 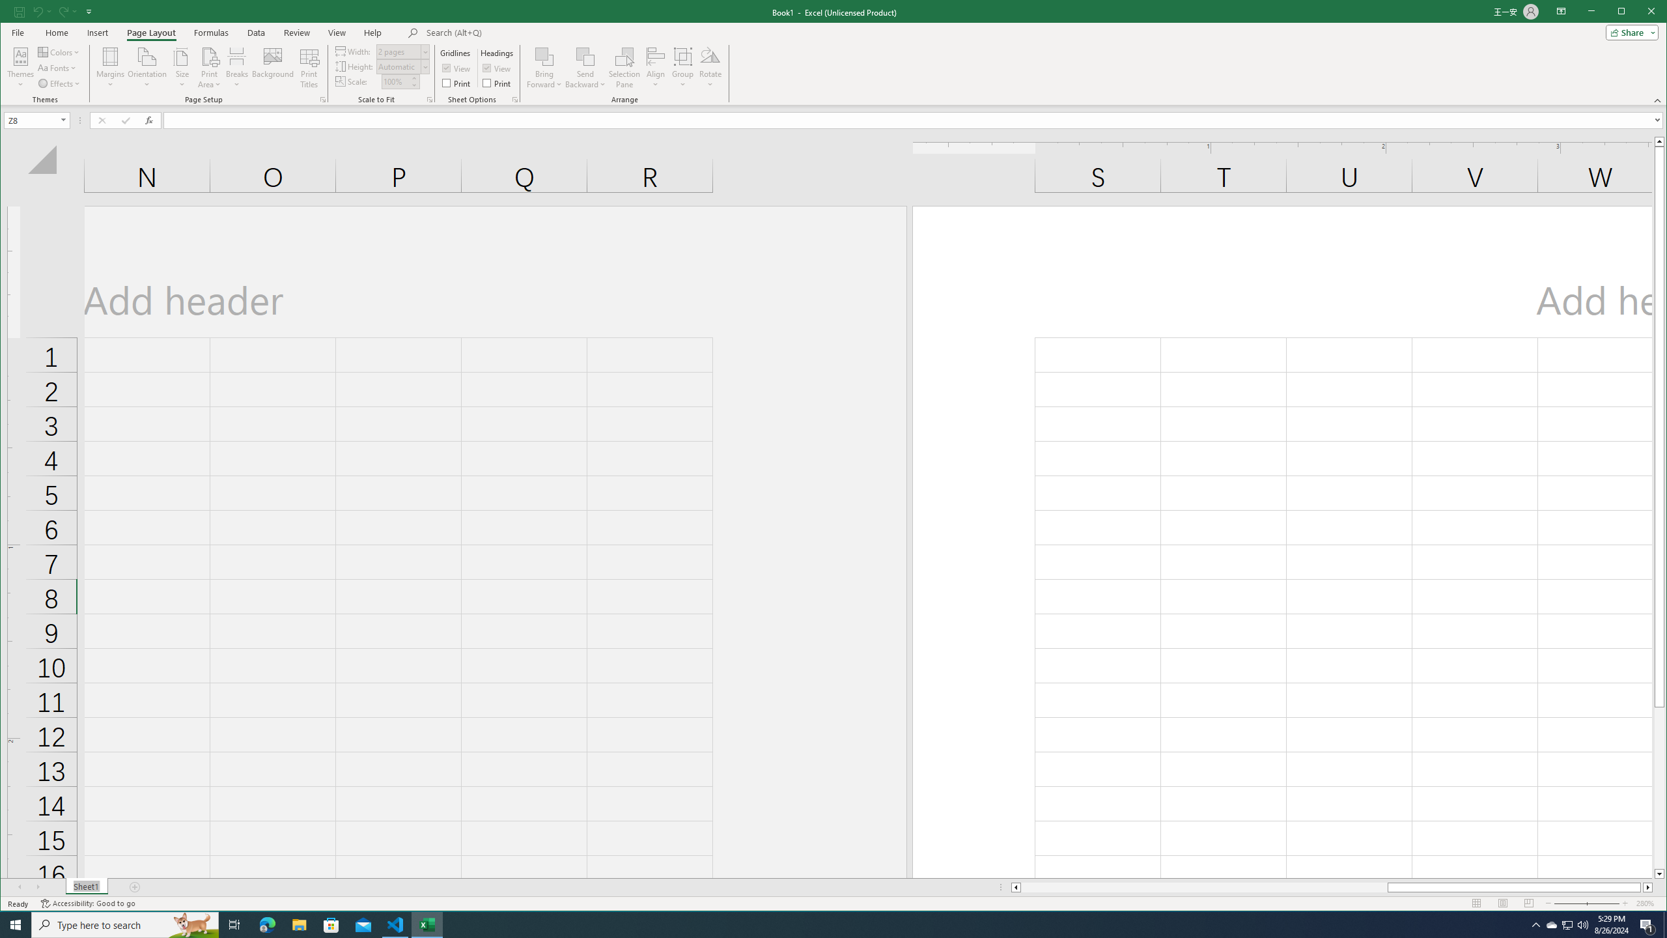 I want to click on 'Bring Forward', so click(x=544, y=55).